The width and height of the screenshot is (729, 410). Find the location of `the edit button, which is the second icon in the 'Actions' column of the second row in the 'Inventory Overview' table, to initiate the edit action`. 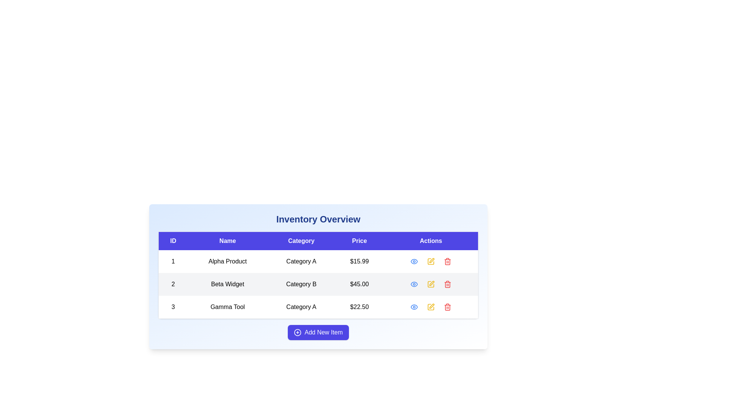

the edit button, which is the second icon in the 'Actions' column of the second row in the 'Inventory Overview' table, to initiate the edit action is located at coordinates (431, 284).